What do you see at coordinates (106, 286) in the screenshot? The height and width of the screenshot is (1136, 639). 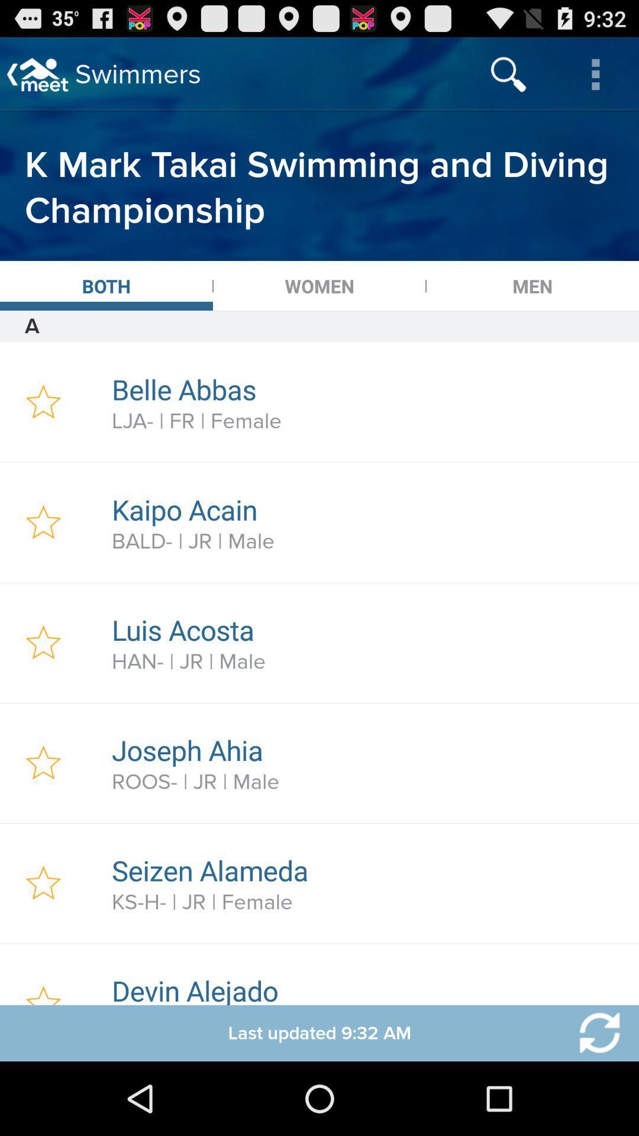 I see `the icon next to the women app` at bounding box center [106, 286].